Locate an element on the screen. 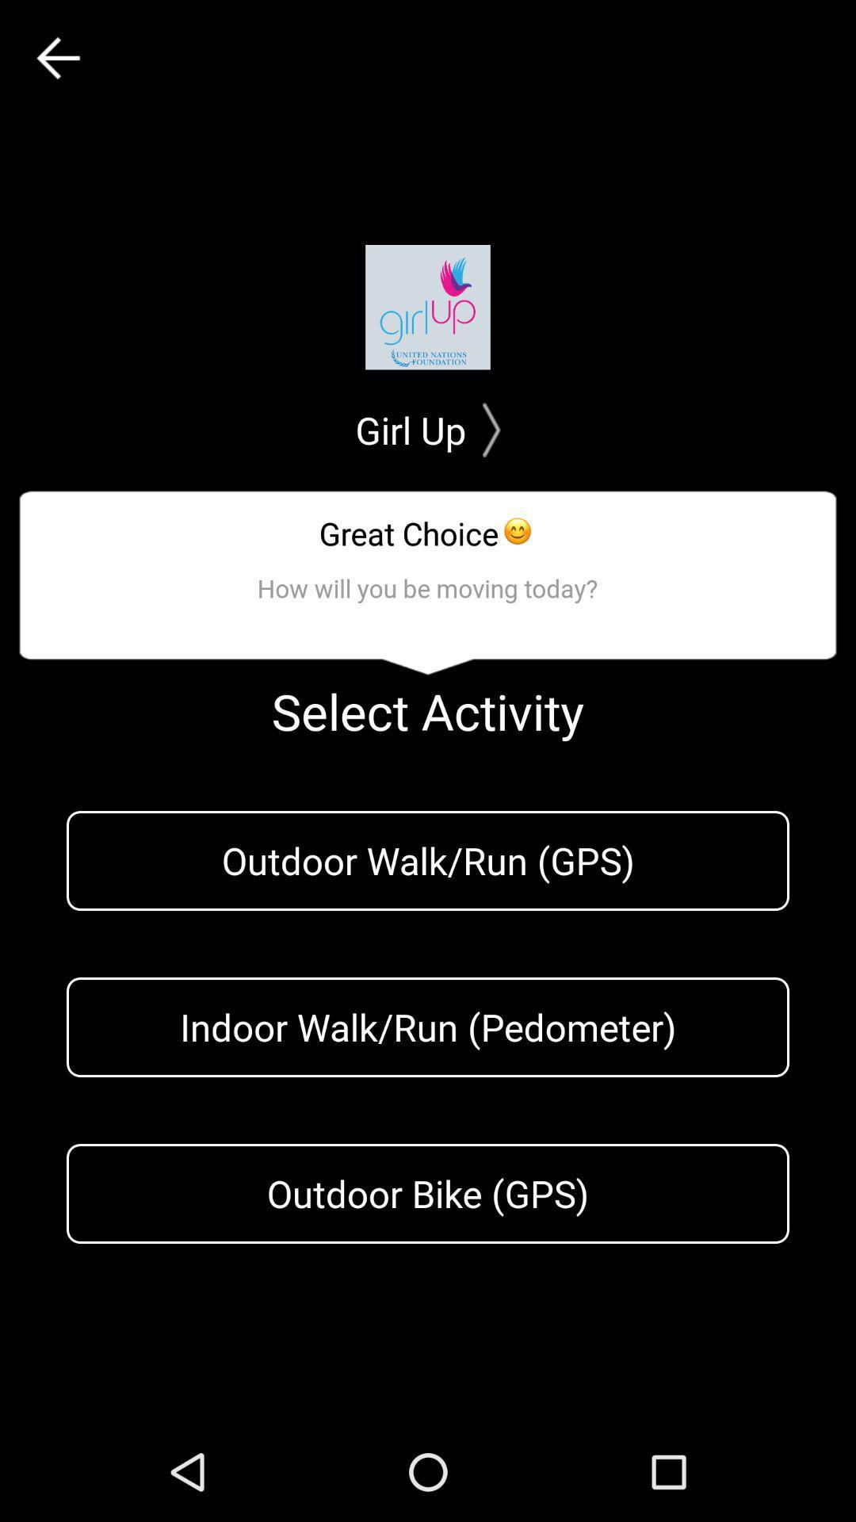 The height and width of the screenshot is (1522, 856). the item above the outdoor walk run item is located at coordinates (57, 58).